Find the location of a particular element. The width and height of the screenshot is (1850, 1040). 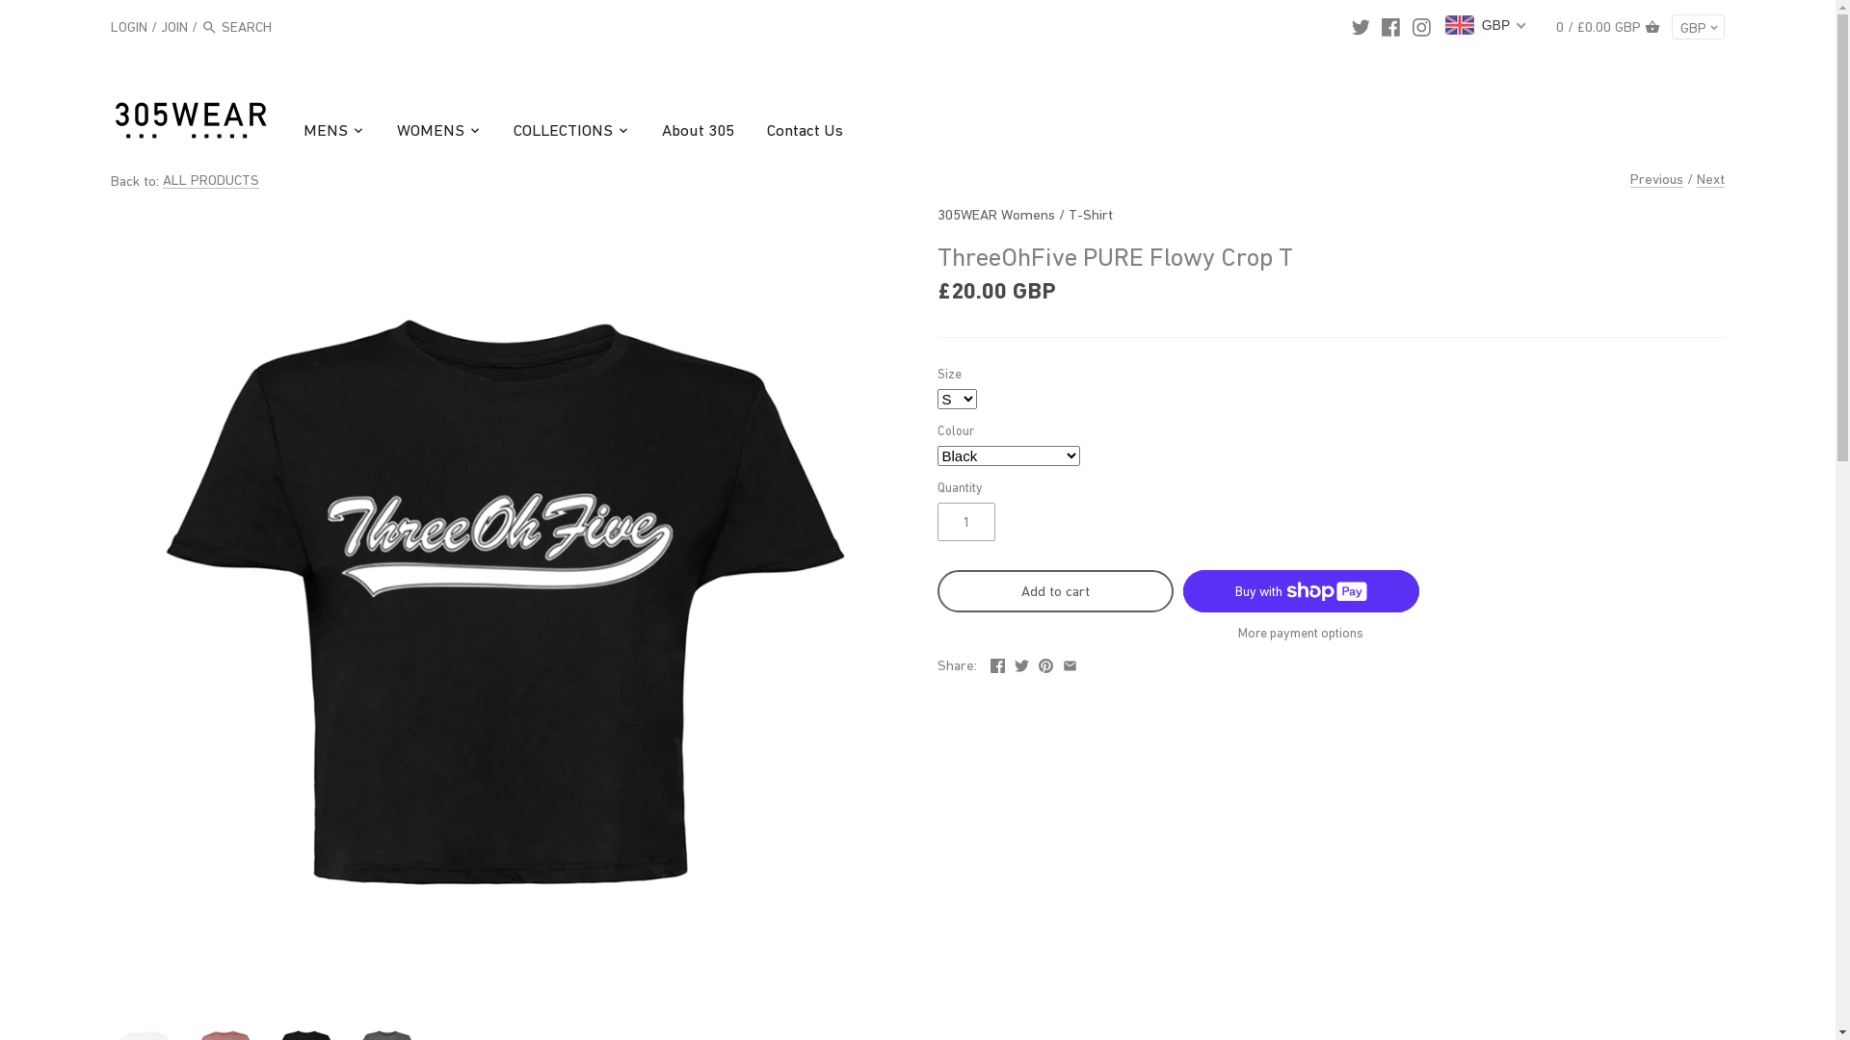

'MENS' is located at coordinates (303, 132).